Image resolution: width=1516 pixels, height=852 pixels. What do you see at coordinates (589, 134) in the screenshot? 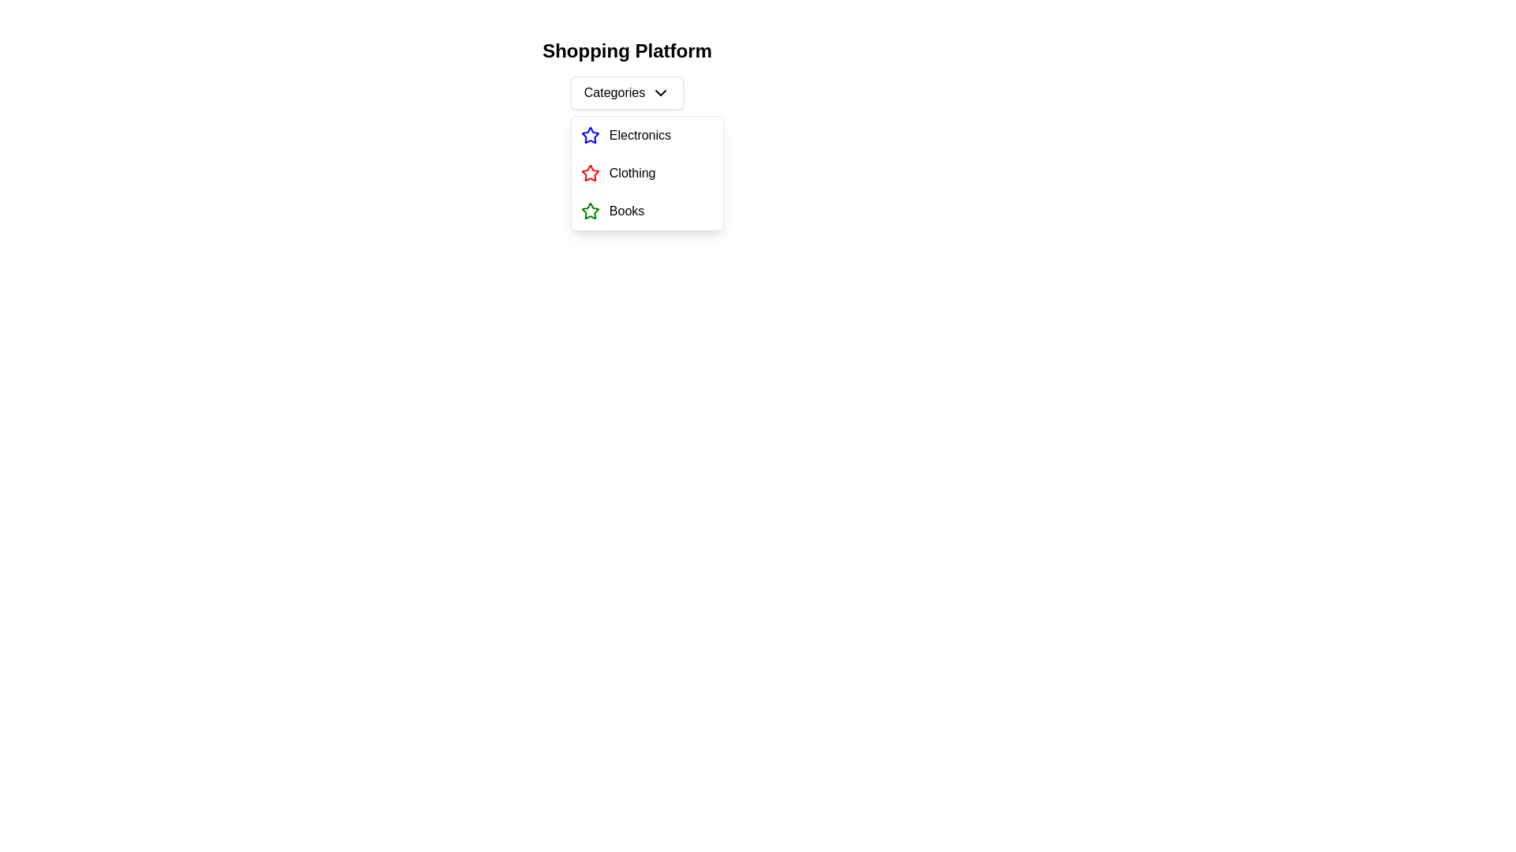
I see `the 'Electronics' category icon located in the second position of the dropdown menu under 'Categories'` at bounding box center [589, 134].